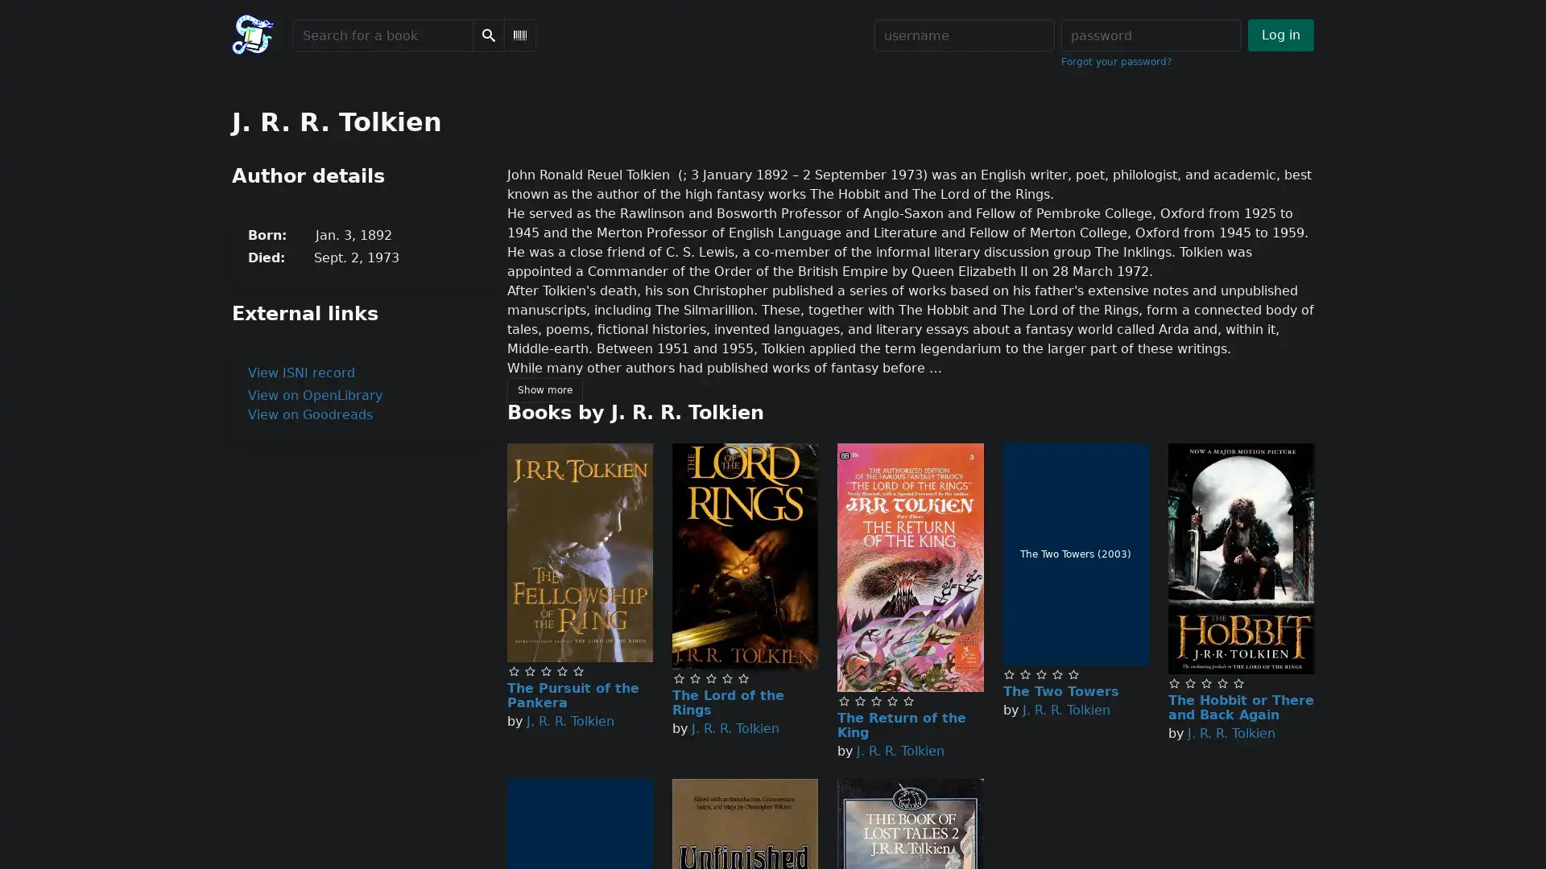 The height and width of the screenshot is (869, 1546). What do you see at coordinates (544, 390) in the screenshot?
I see `Show more` at bounding box center [544, 390].